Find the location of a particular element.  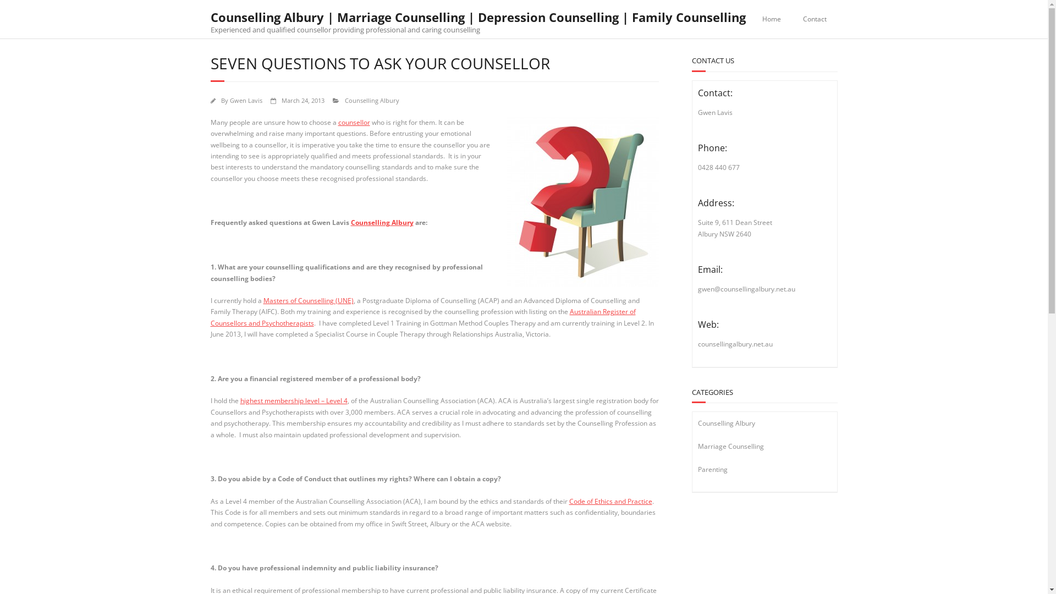

'Contact' is located at coordinates (815, 19).